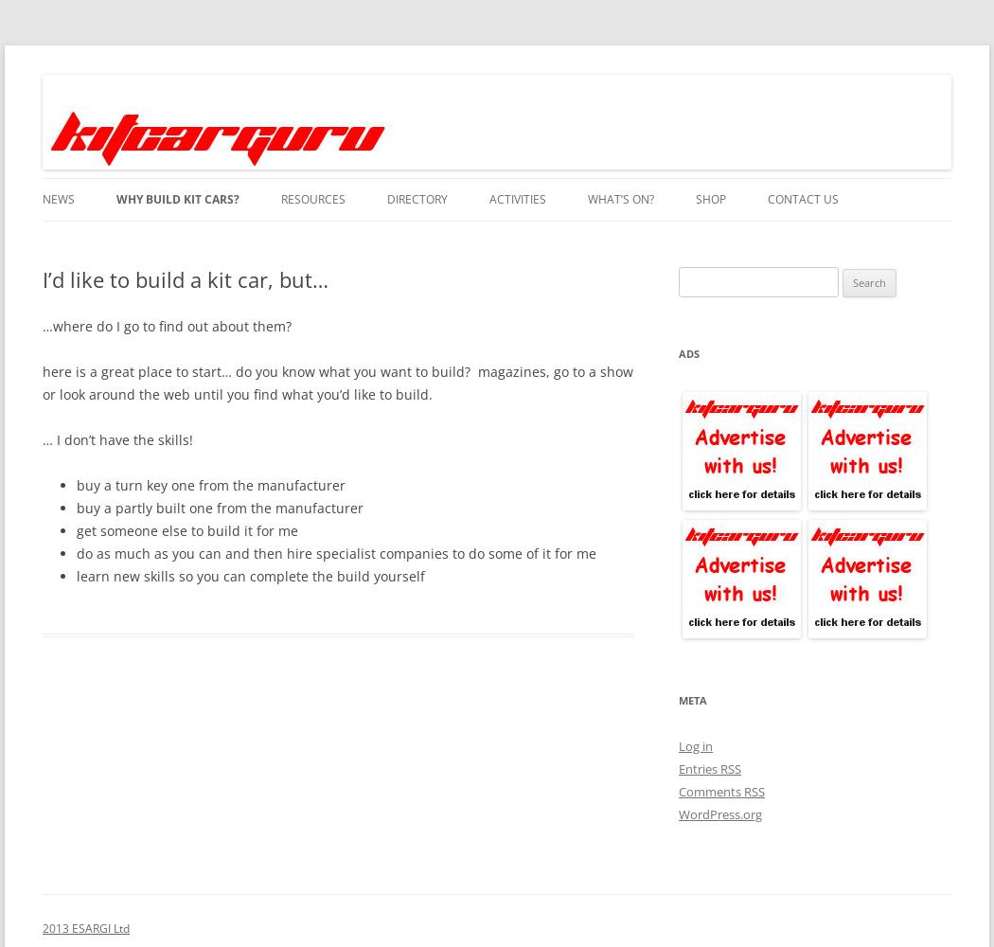  Describe the element at coordinates (695, 746) in the screenshot. I see `'Log in'` at that location.